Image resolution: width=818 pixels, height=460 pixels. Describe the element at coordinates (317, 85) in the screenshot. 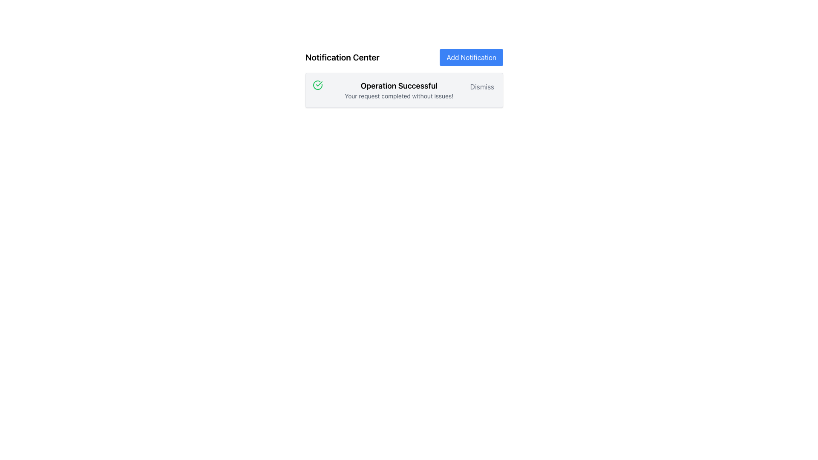

I see `the success indicator icon located at the top-left section of the notification card, adjacent to the text 'Operation Successful'` at that location.